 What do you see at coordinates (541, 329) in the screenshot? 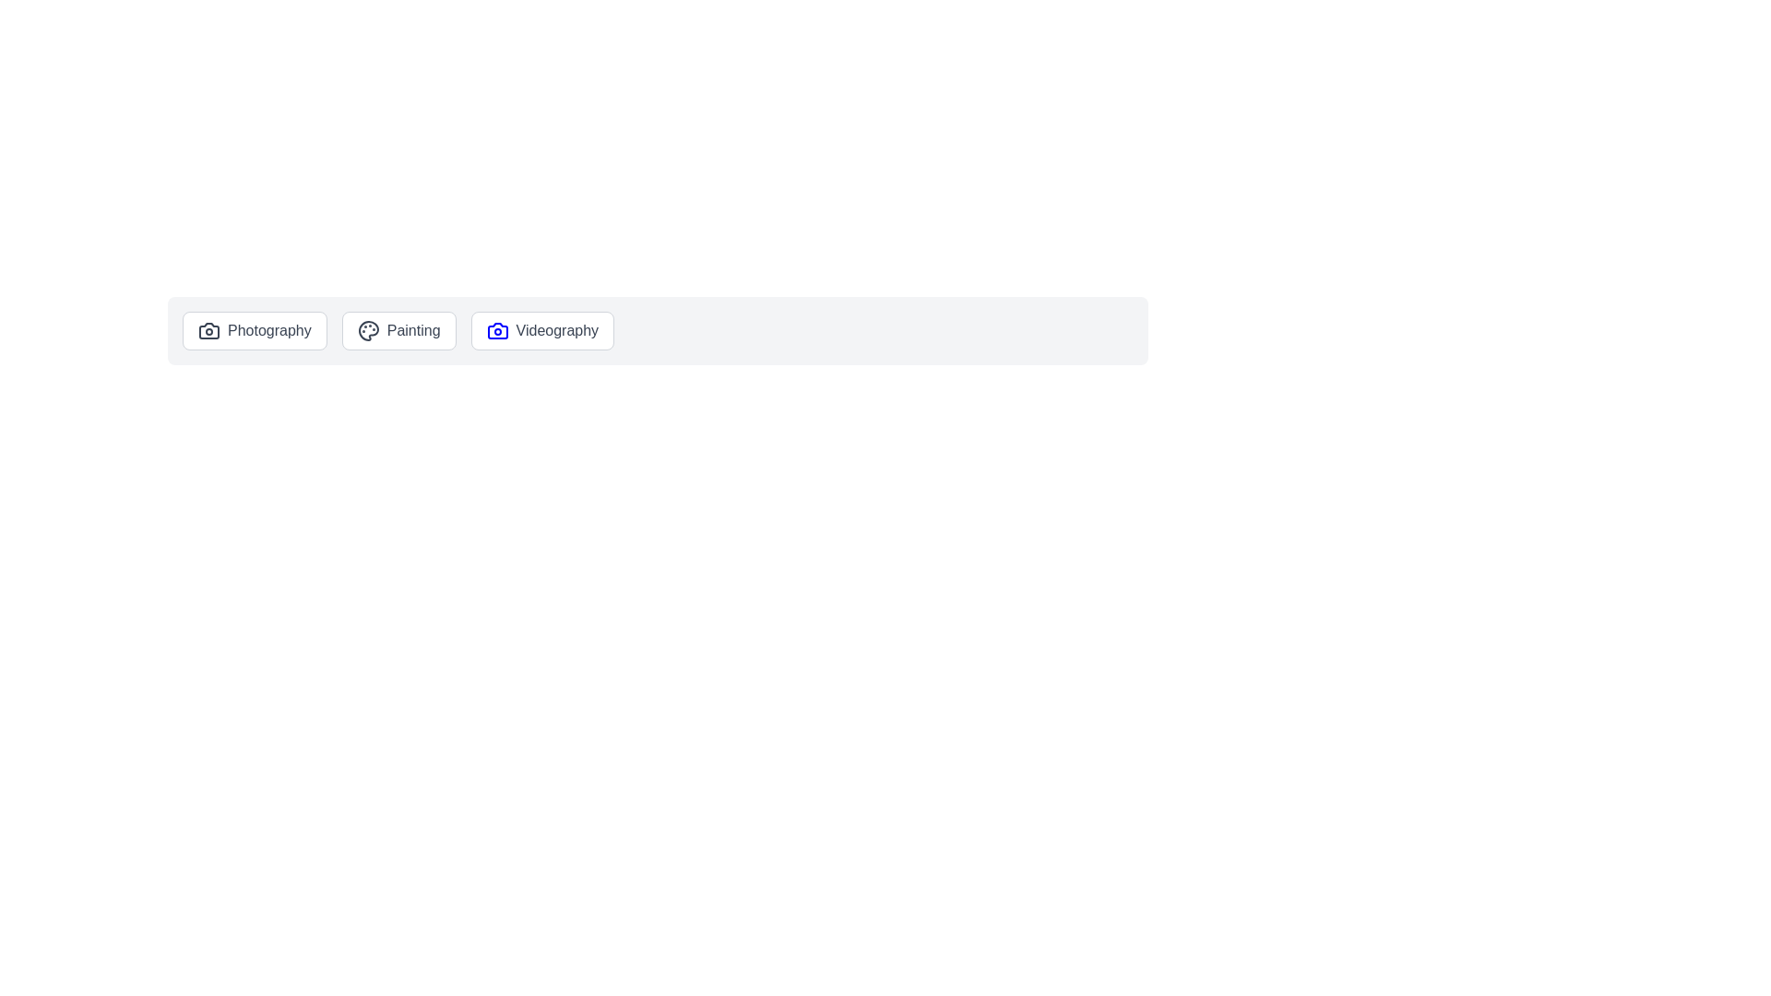
I see `the Videography chip to select it` at bounding box center [541, 329].